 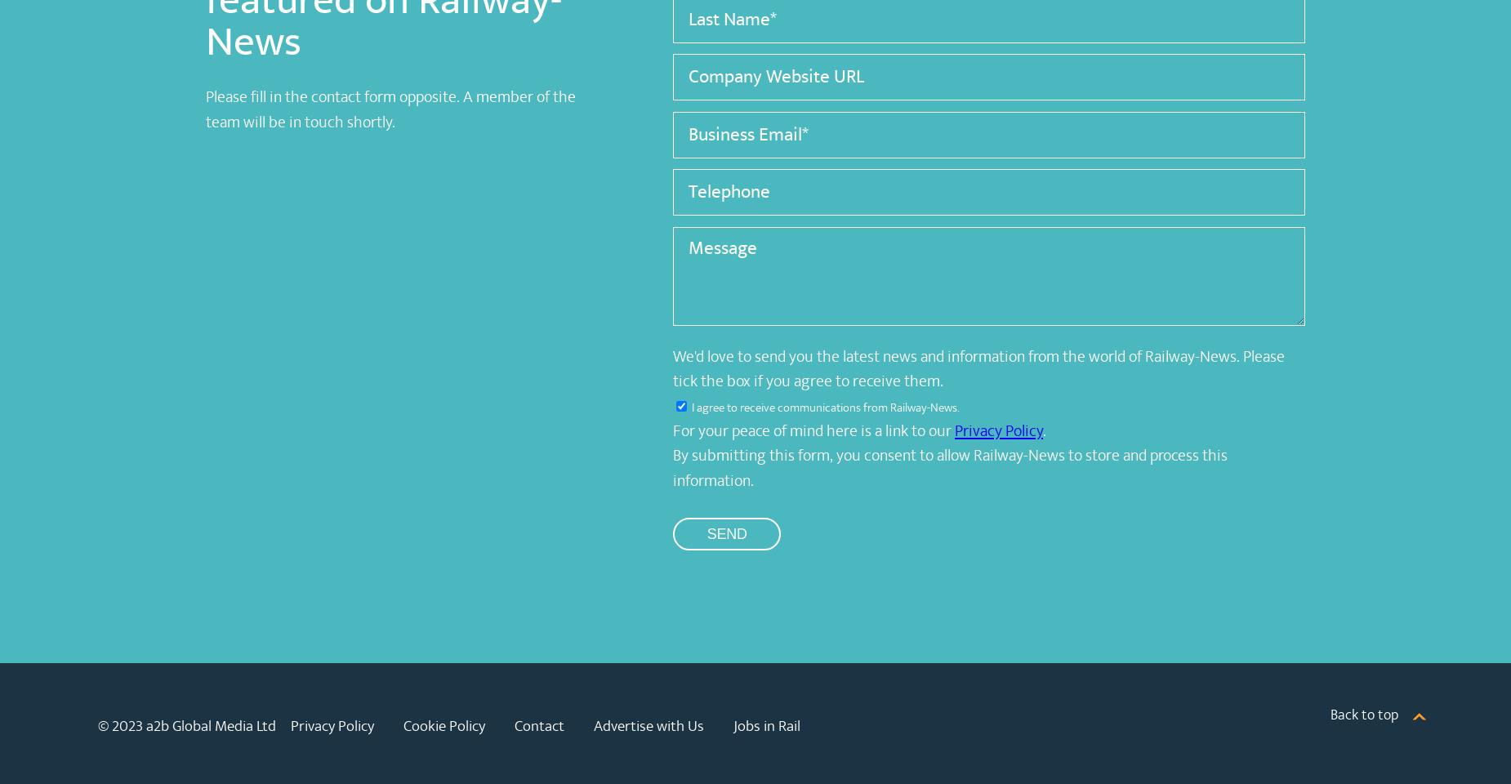 I want to click on 'I agree to receive communications from Railway-News.', so click(x=825, y=406).